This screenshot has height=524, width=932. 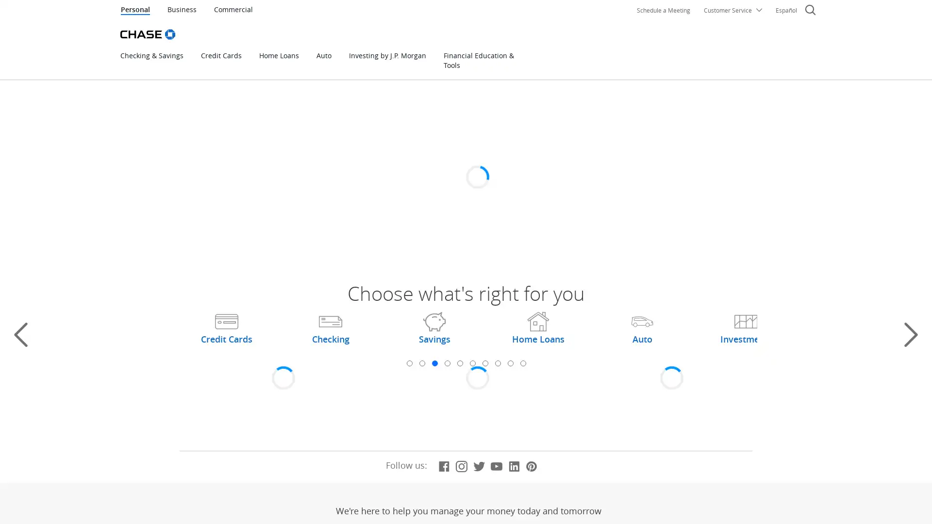 What do you see at coordinates (340, 210) in the screenshot?
I see `Open an account` at bounding box center [340, 210].